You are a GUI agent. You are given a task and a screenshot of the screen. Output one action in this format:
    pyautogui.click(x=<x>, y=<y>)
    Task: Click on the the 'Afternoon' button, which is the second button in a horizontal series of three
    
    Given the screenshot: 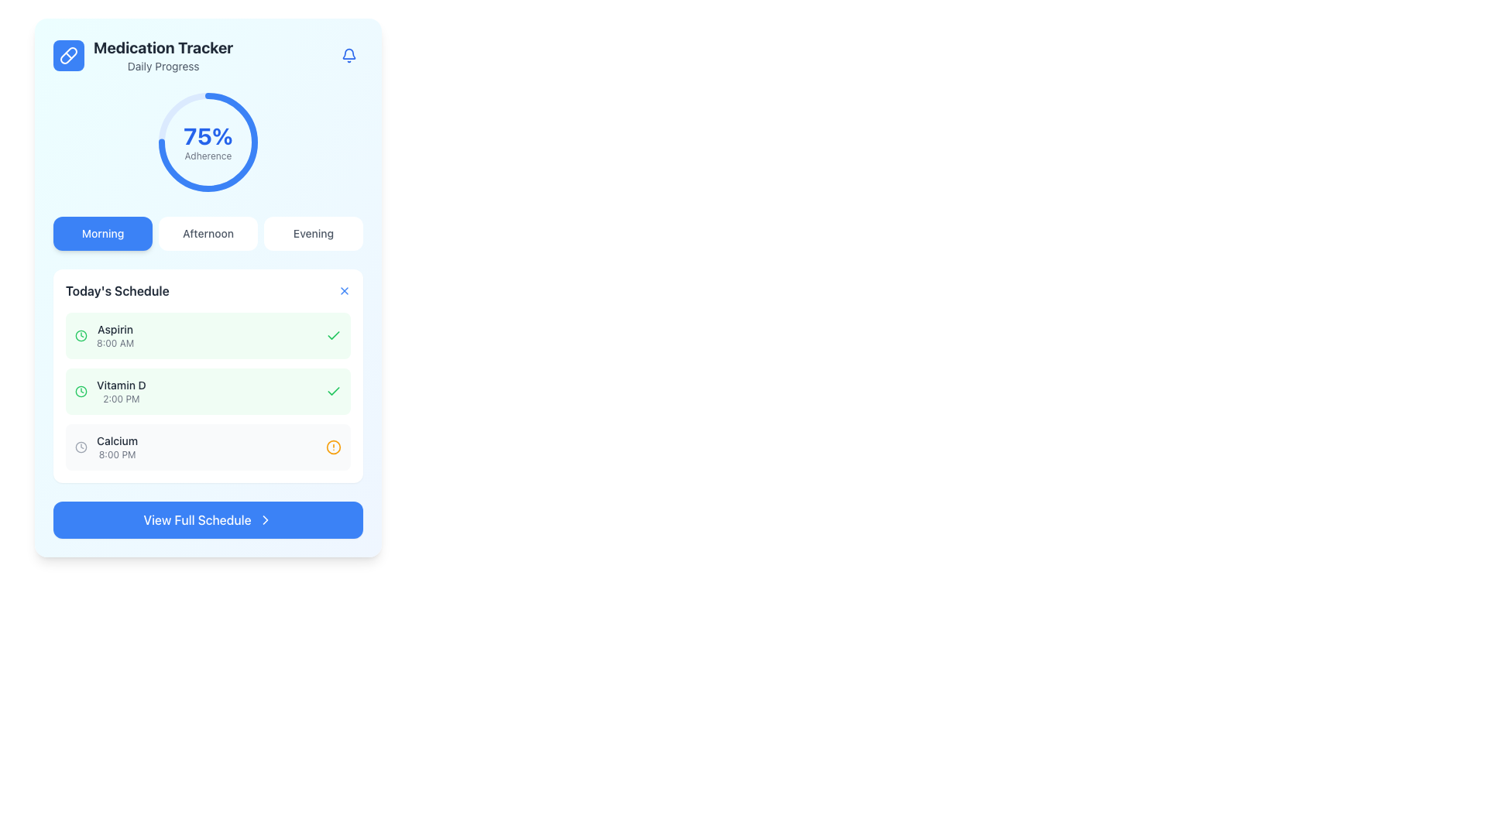 What is the action you would take?
    pyautogui.click(x=207, y=233)
    